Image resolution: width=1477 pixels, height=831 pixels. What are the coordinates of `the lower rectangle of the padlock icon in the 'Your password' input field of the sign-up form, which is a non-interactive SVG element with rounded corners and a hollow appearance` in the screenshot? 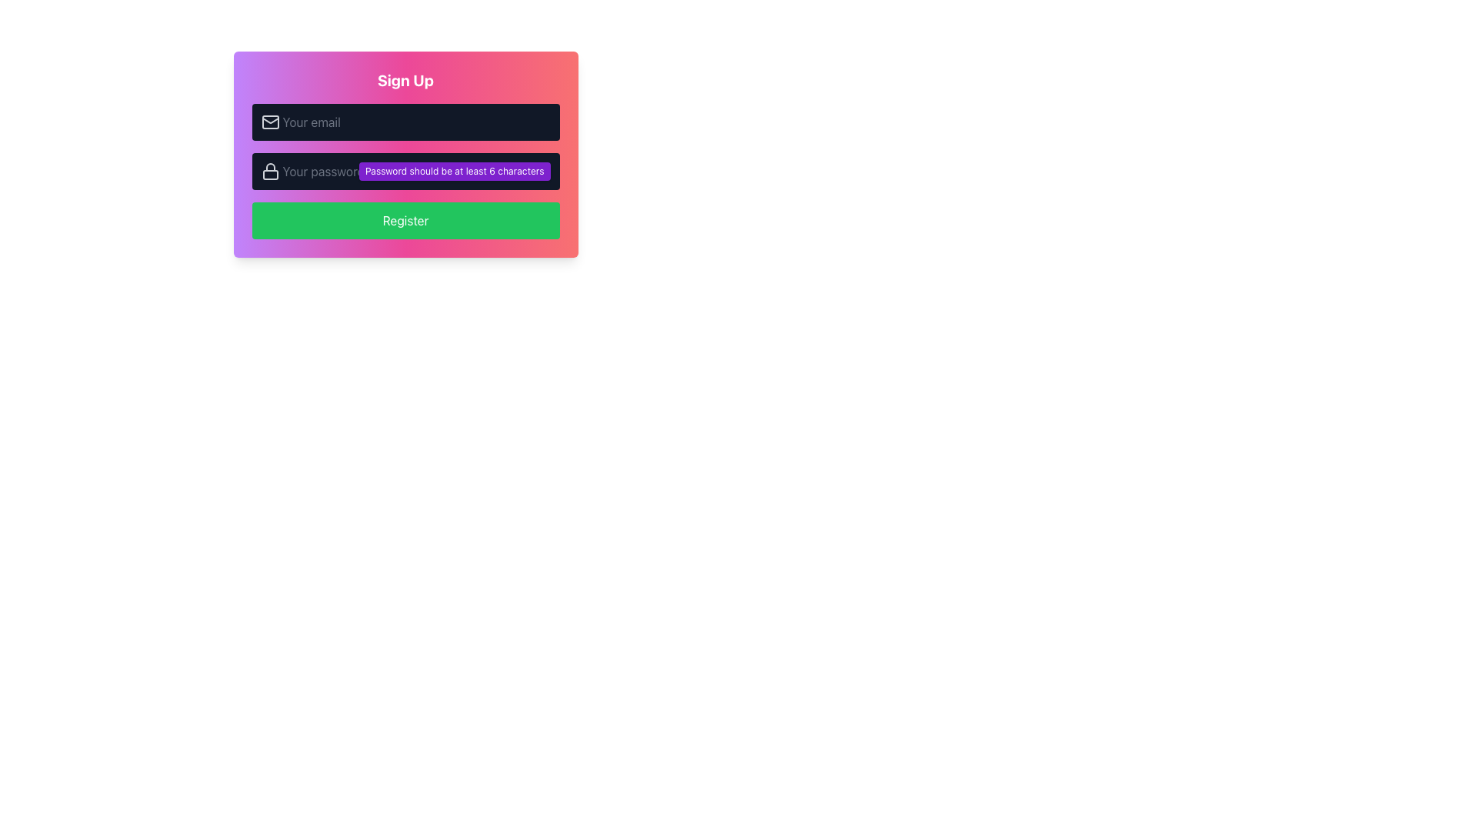 It's located at (270, 174).